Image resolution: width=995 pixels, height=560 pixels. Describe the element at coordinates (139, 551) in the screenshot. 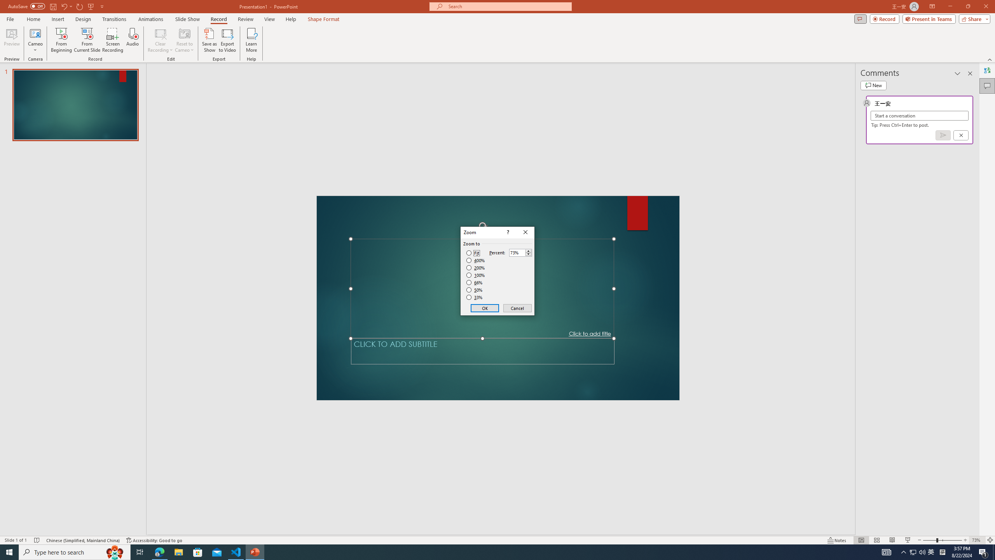

I see `'Task View'` at that location.